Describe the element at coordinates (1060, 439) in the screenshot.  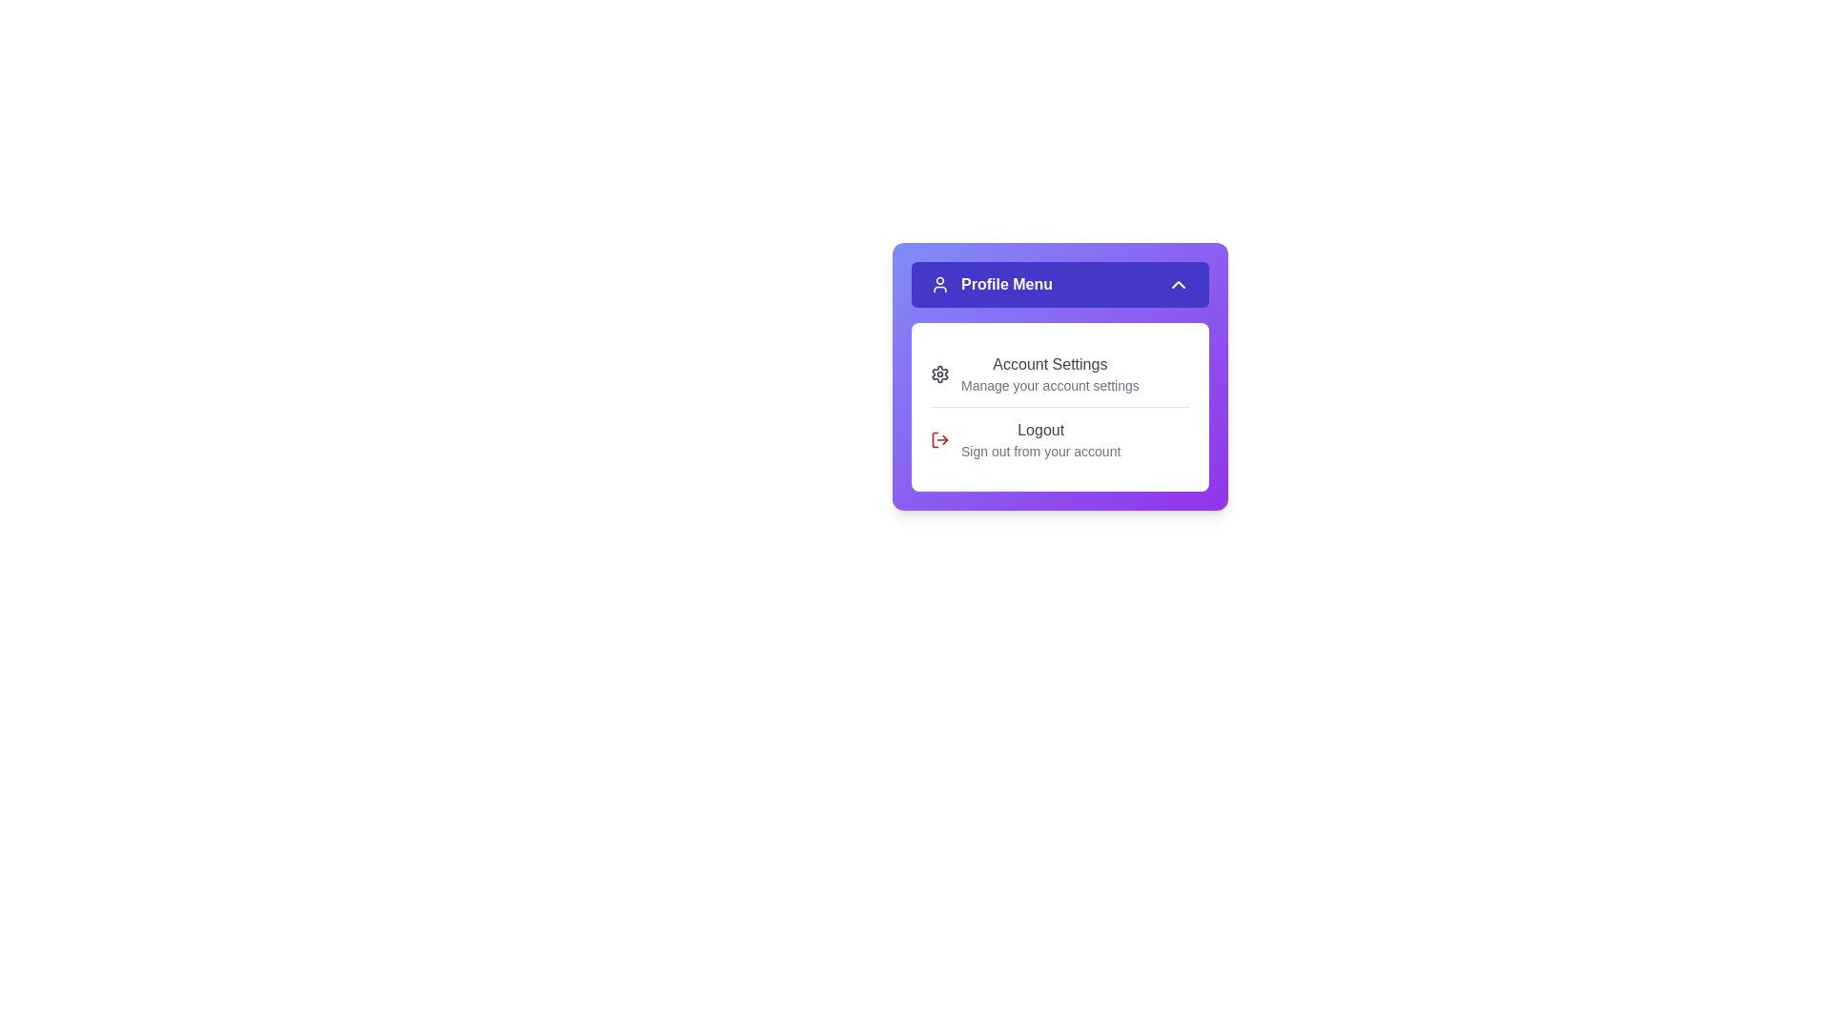
I see `the 'Logout' option in the dropdown menu to sign out` at that location.